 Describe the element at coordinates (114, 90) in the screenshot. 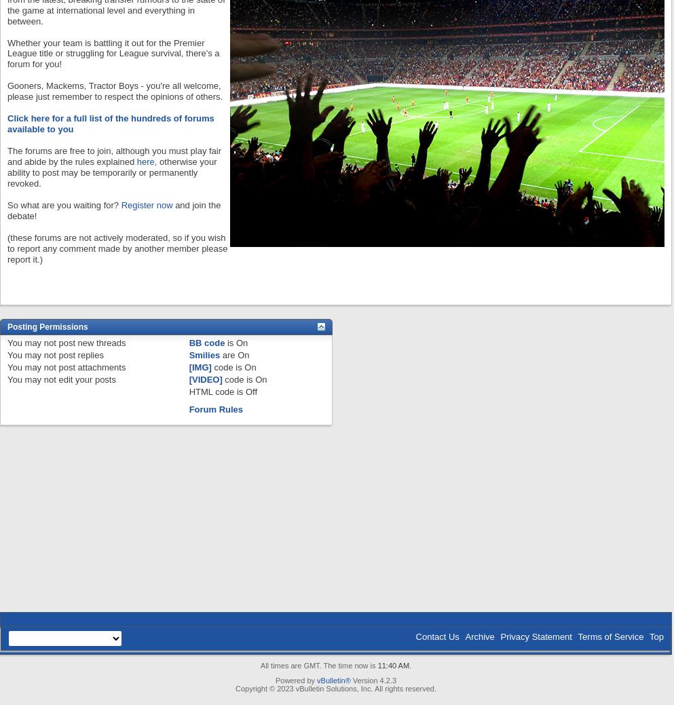

I see `'Gooners, Mackems, Tractor Boys - you're all welcome, please just remember to respect the opinions of others.'` at that location.